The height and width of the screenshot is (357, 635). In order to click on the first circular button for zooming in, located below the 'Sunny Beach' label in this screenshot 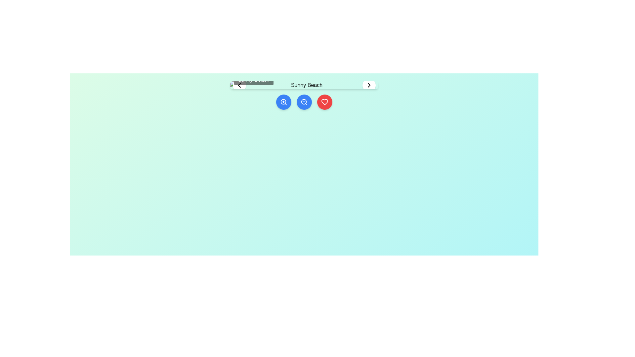, I will do `click(283, 102)`.